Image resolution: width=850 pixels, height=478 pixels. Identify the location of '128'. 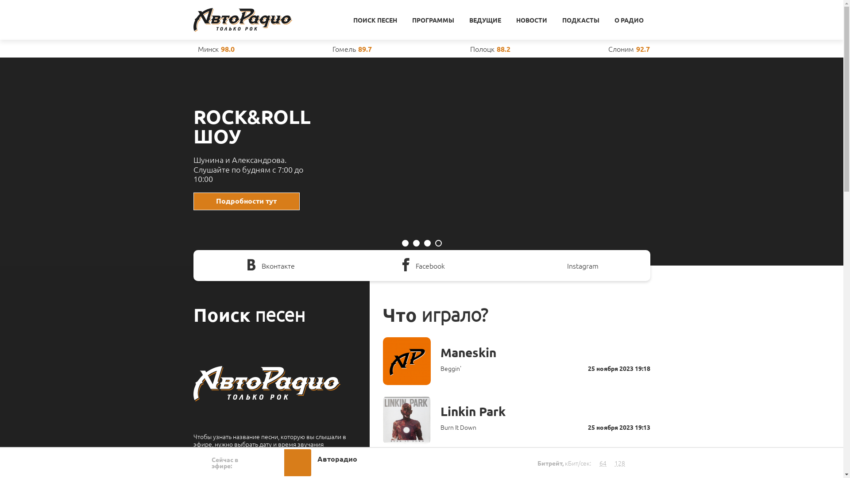
(619, 462).